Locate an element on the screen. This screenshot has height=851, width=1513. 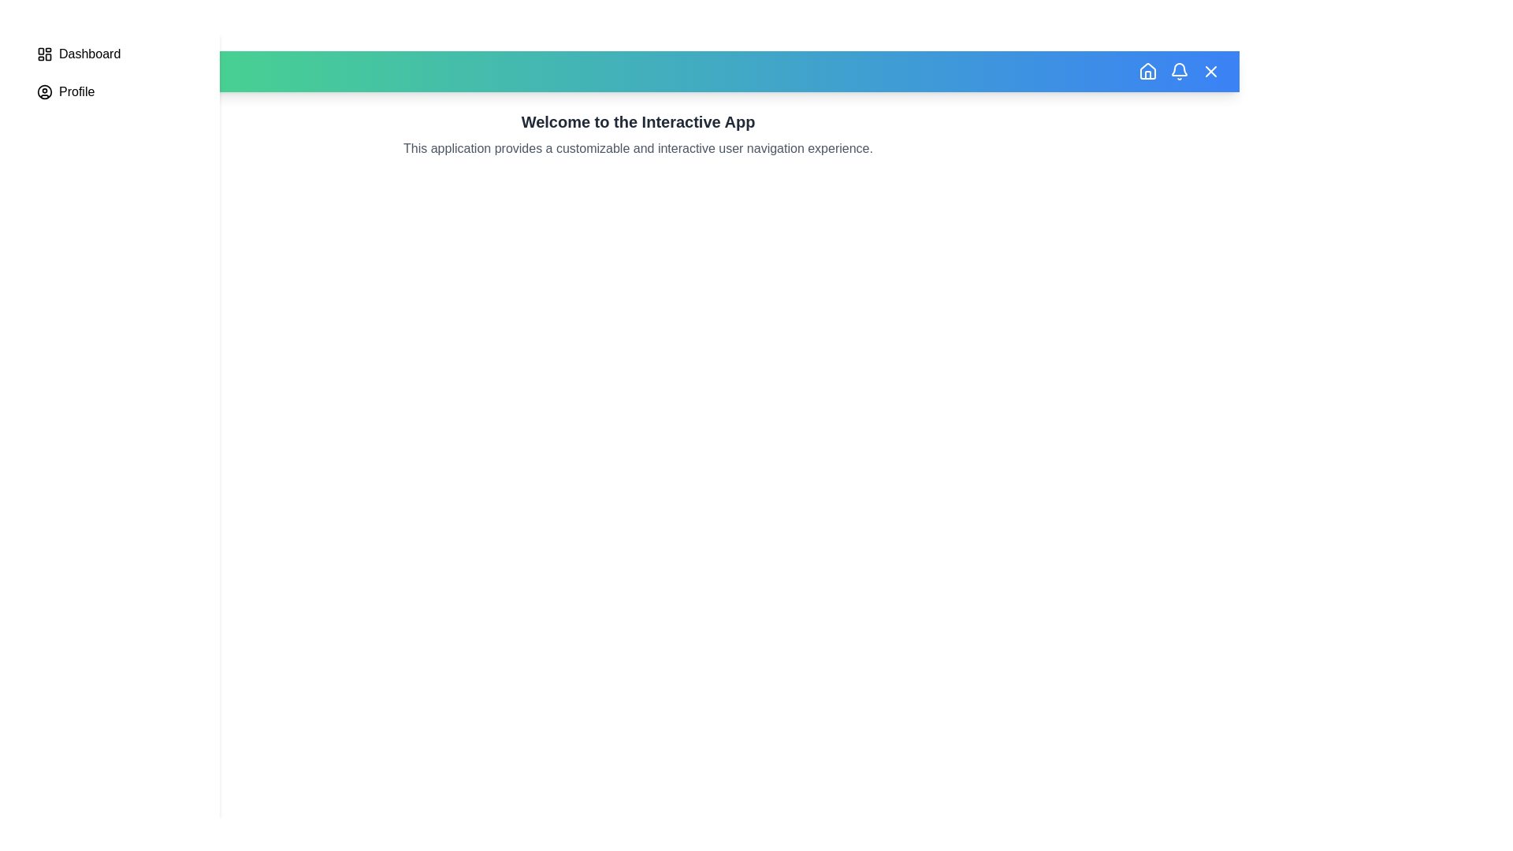
the black circle representing the outer boundary of the user profile icon located in the left-hand navigation menu, beneath the dashboard icon and aligned with the 'Profile' label is located at coordinates (45, 91).